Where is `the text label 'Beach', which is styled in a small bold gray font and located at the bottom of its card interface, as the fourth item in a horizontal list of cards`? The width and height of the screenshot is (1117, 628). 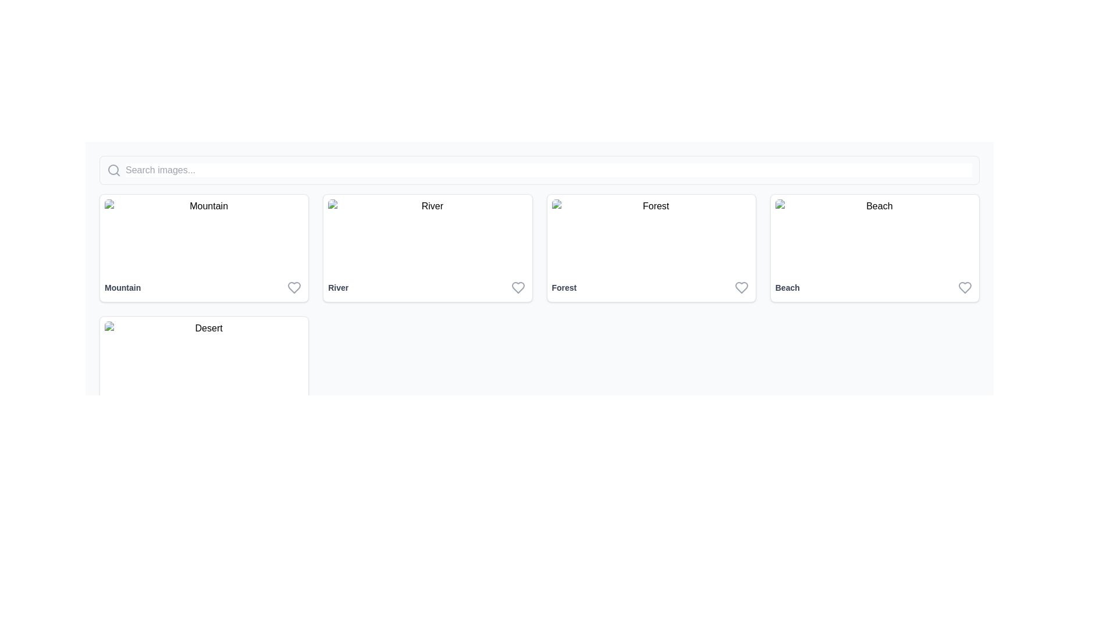
the text label 'Beach', which is styled in a small bold gray font and located at the bottom of its card interface, as the fourth item in a horizontal list of cards is located at coordinates (787, 287).